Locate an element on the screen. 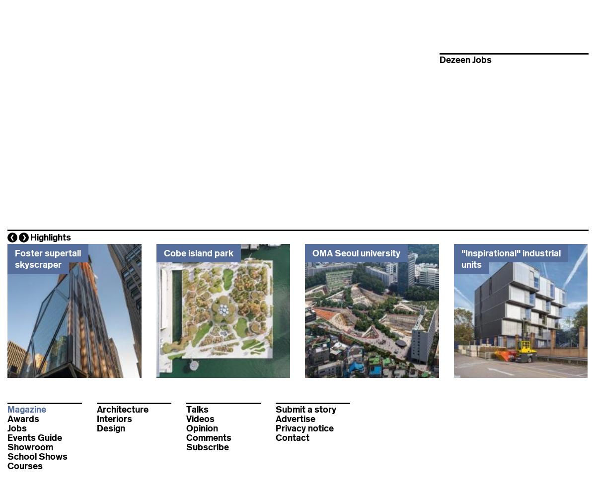 Image resolution: width=596 pixels, height=483 pixels. 'Awards' is located at coordinates (23, 419).